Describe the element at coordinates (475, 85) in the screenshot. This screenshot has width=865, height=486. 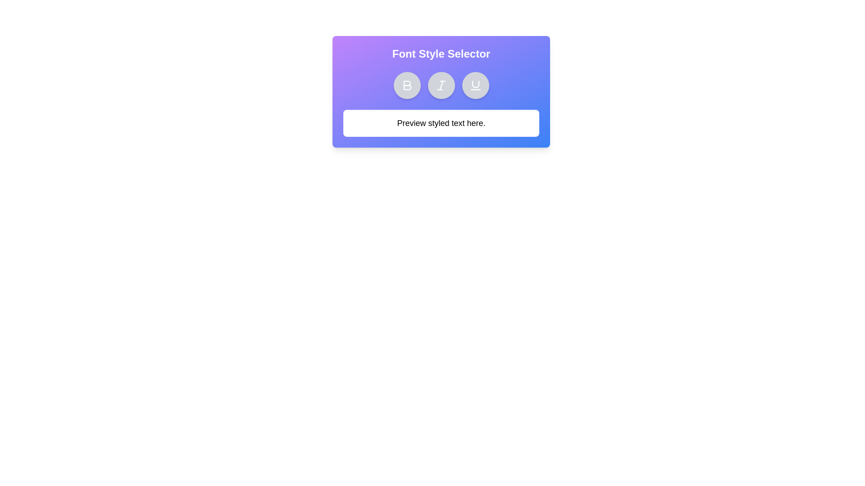
I see `the underline button to toggle the underline font style` at that location.